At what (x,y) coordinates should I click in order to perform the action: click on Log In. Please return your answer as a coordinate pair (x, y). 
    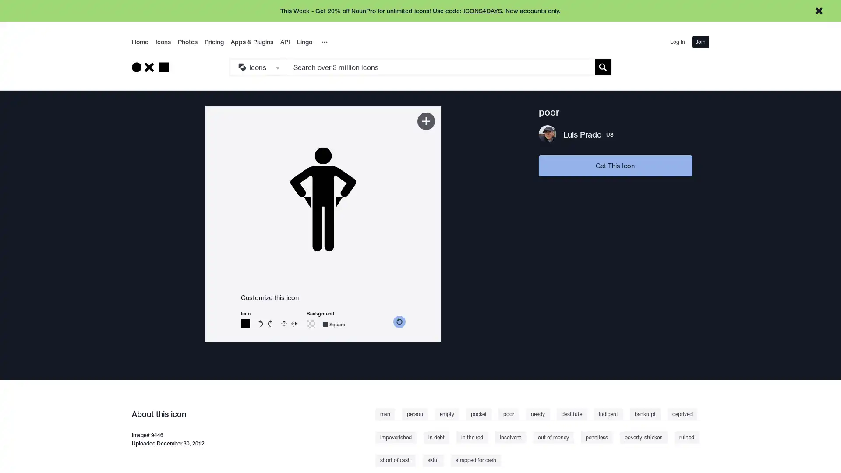
    Looking at the image, I should click on (677, 42).